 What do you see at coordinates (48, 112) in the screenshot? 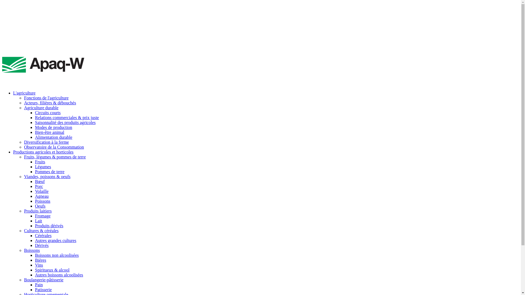
I see `'Circuits courts'` at bounding box center [48, 112].